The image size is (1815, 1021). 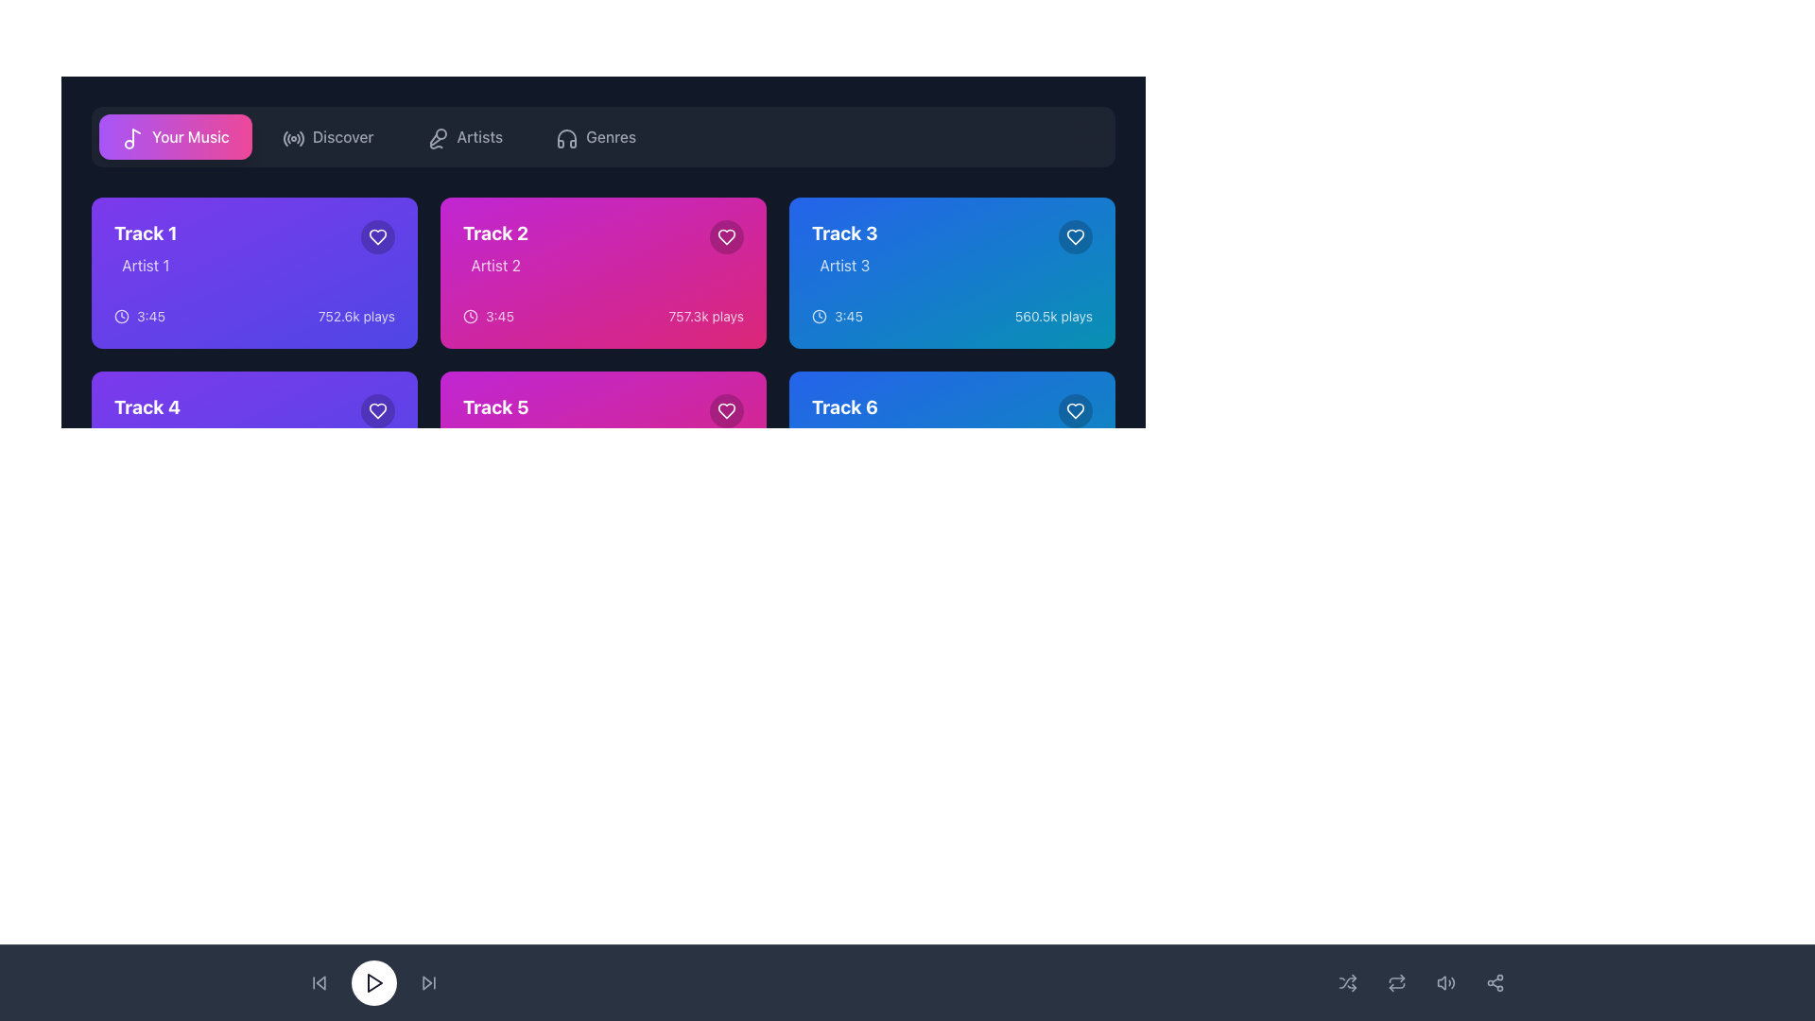 I want to click on the 'like' icon button located in the upper-right corner of the 'Track 6' box to like or unlike the track, so click(x=1075, y=410).